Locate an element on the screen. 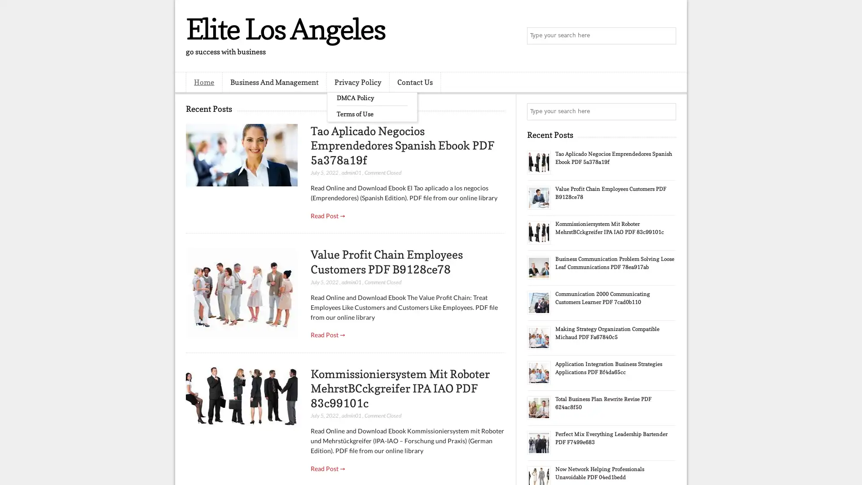  Search is located at coordinates (667, 111).